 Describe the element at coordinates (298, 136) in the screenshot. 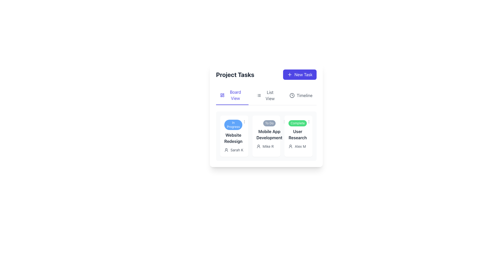

I see `the Task Card with a green 'Complete' badge, bold text 'User Research', and user icon for 'Alex M', positioned in the bottom-right of the grid layout` at that location.